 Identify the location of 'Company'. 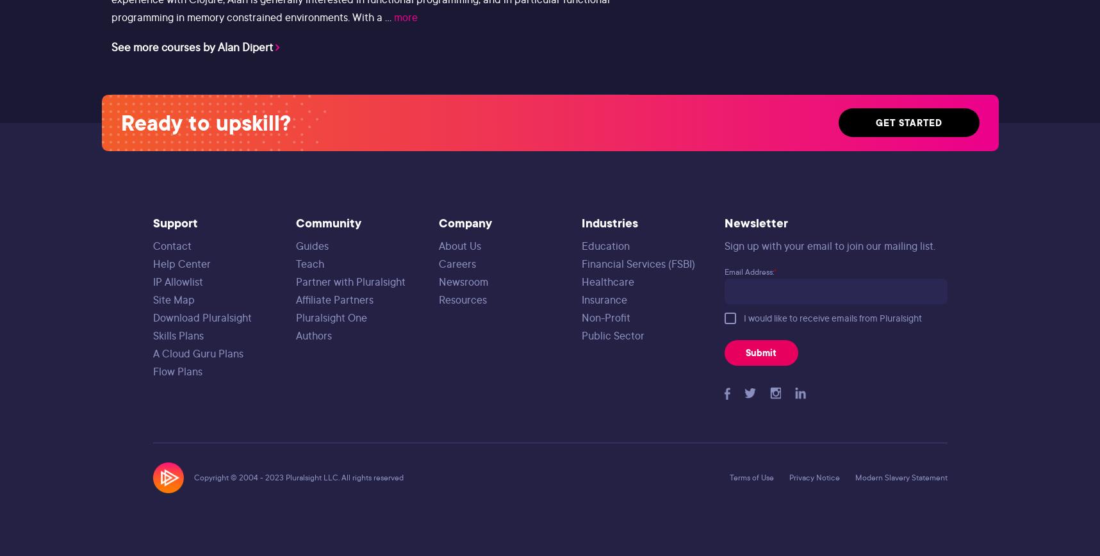
(464, 222).